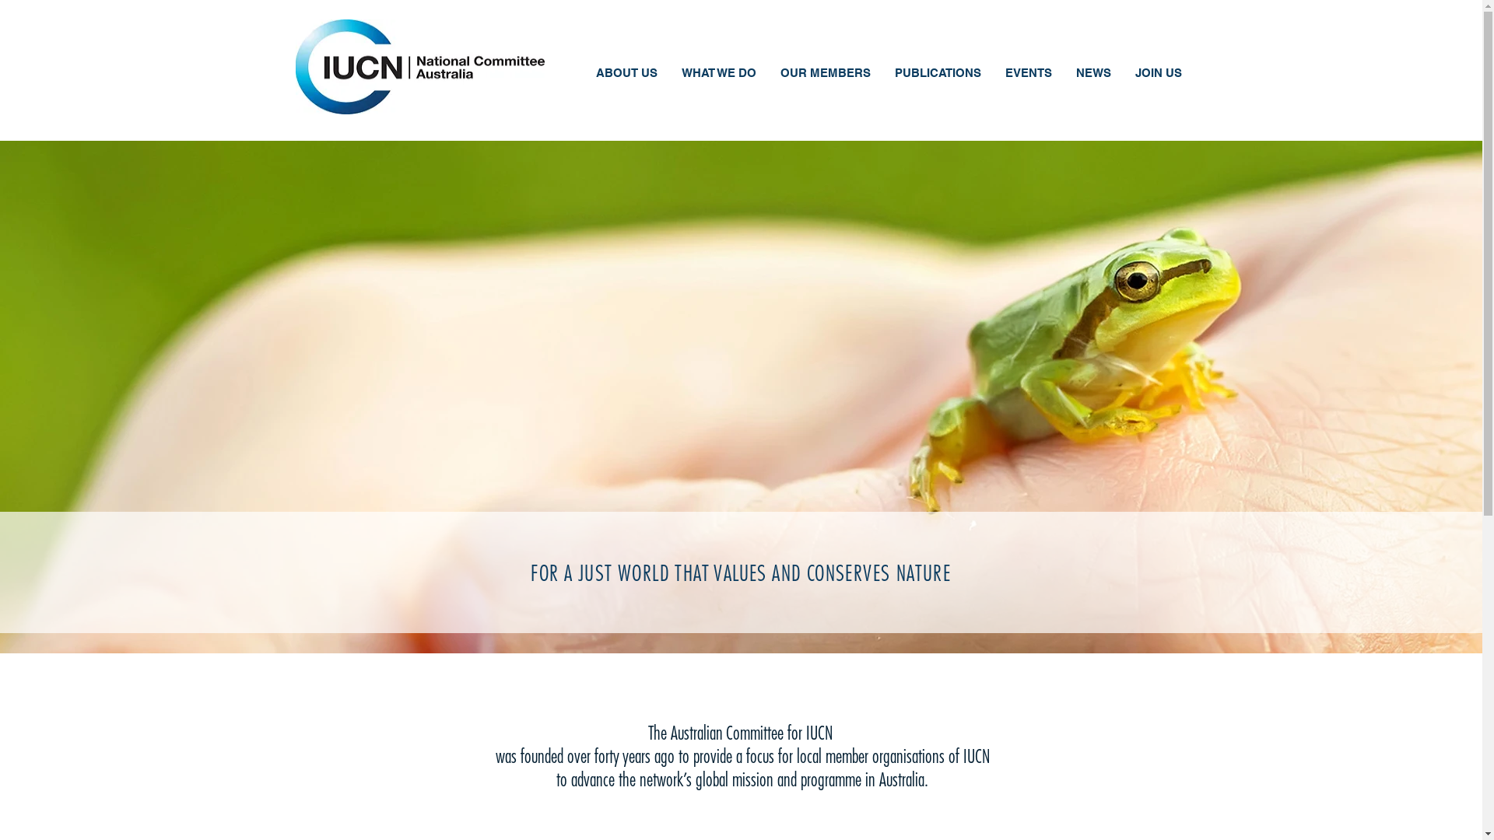 The height and width of the screenshot is (840, 1494). I want to click on 'PUBLICATIONS', so click(882, 74).